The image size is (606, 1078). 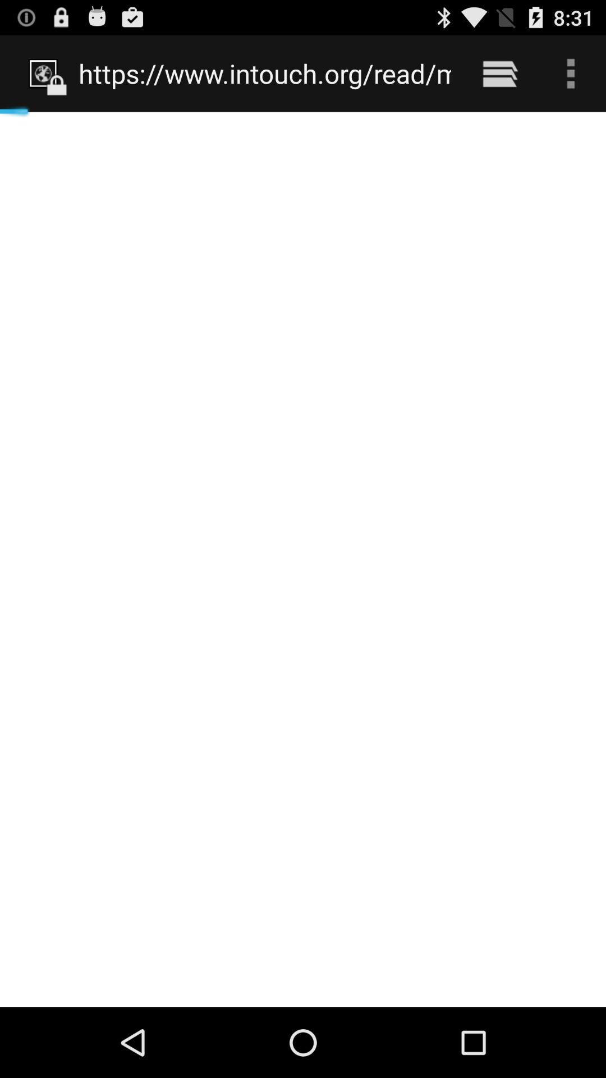 I want to click on item to the right of the https www intouch, so click(x=499, y=73).